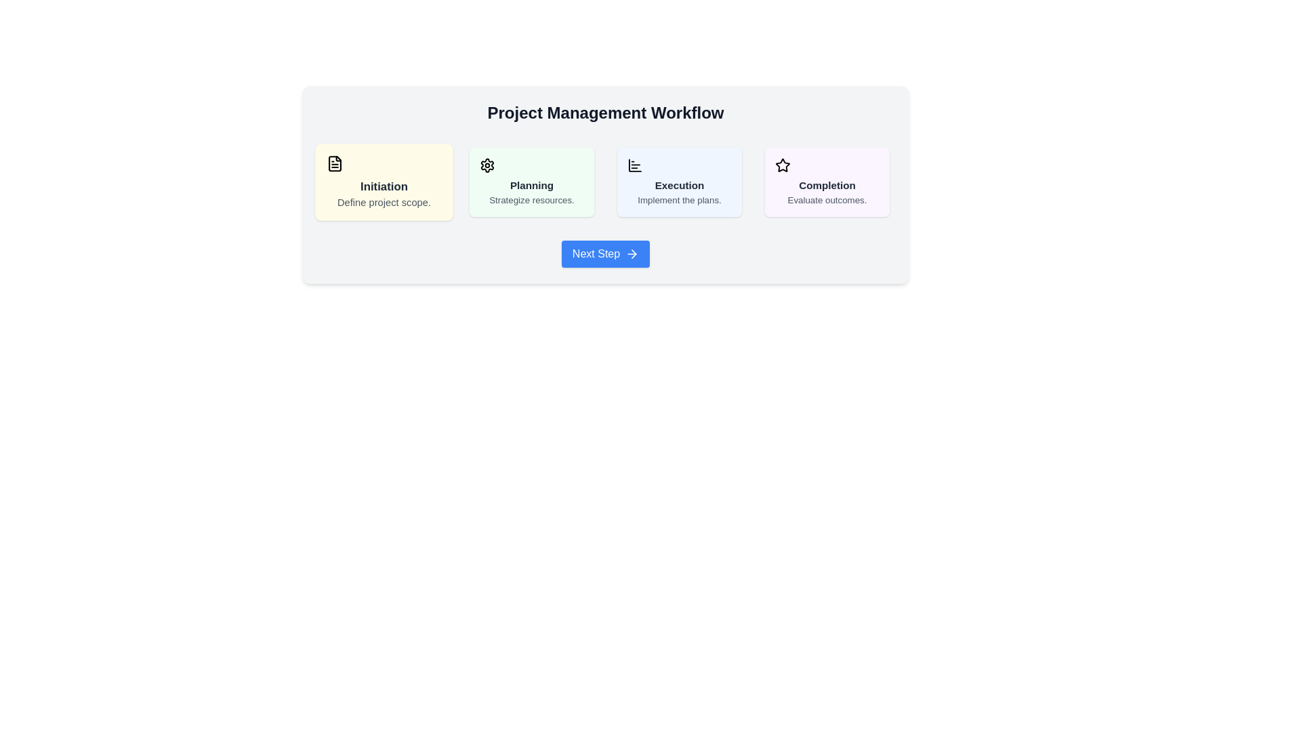  Describe the element at coordinates (531, 185) in the screenshot. I see `the static text label that serves as the title for the 'Planning' section, which is located in the center of the interface` at that location.